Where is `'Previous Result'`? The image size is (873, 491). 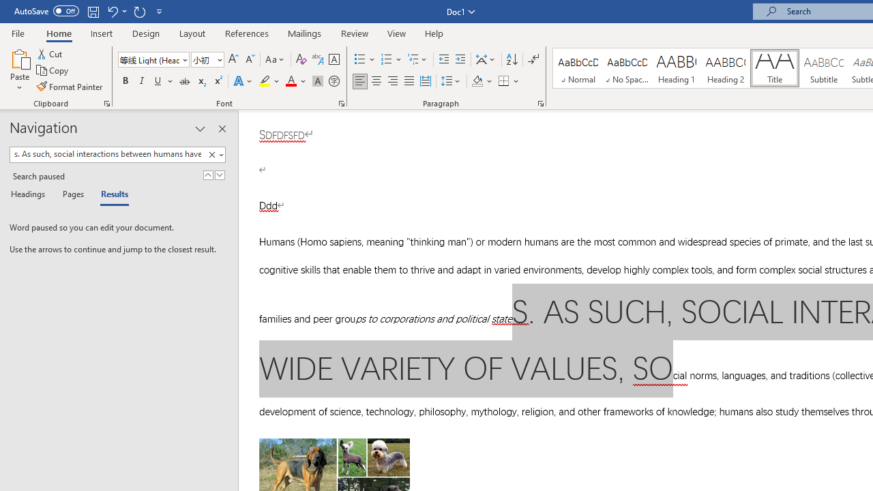
'Previous Result' is located at coordinates (207, 175).